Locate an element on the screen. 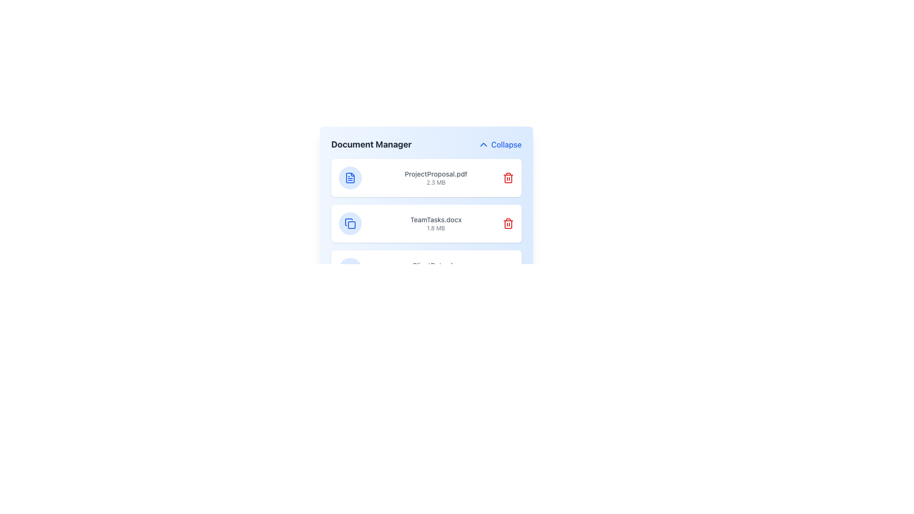 The width and height of the screenshot is (914, 514). the third delete button located to the far right of the item labeled 'ClientData.xlsx' is located at coordinates (508, 269).